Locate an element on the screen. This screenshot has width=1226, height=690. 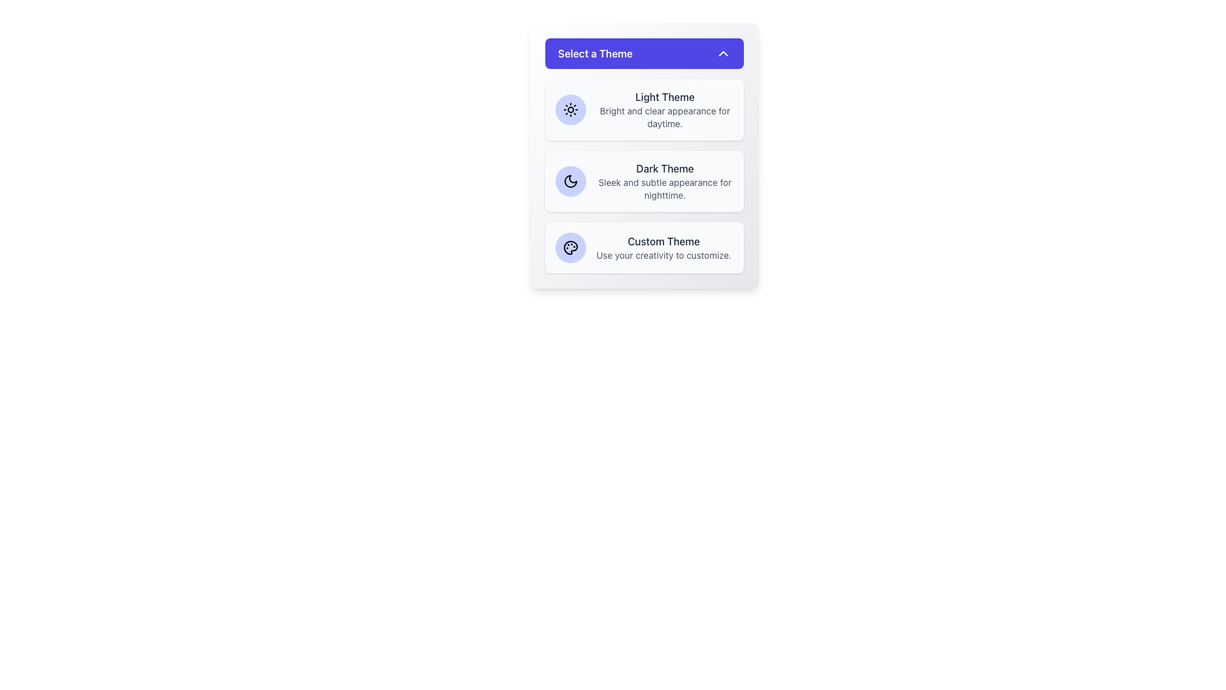
the Graphic Icon representing the customization feature of the 'Custom Theme' option, located at the beginning of the 'Custom Theme' card in the 'Select a Theme' section is located at coordinates (570, 248).